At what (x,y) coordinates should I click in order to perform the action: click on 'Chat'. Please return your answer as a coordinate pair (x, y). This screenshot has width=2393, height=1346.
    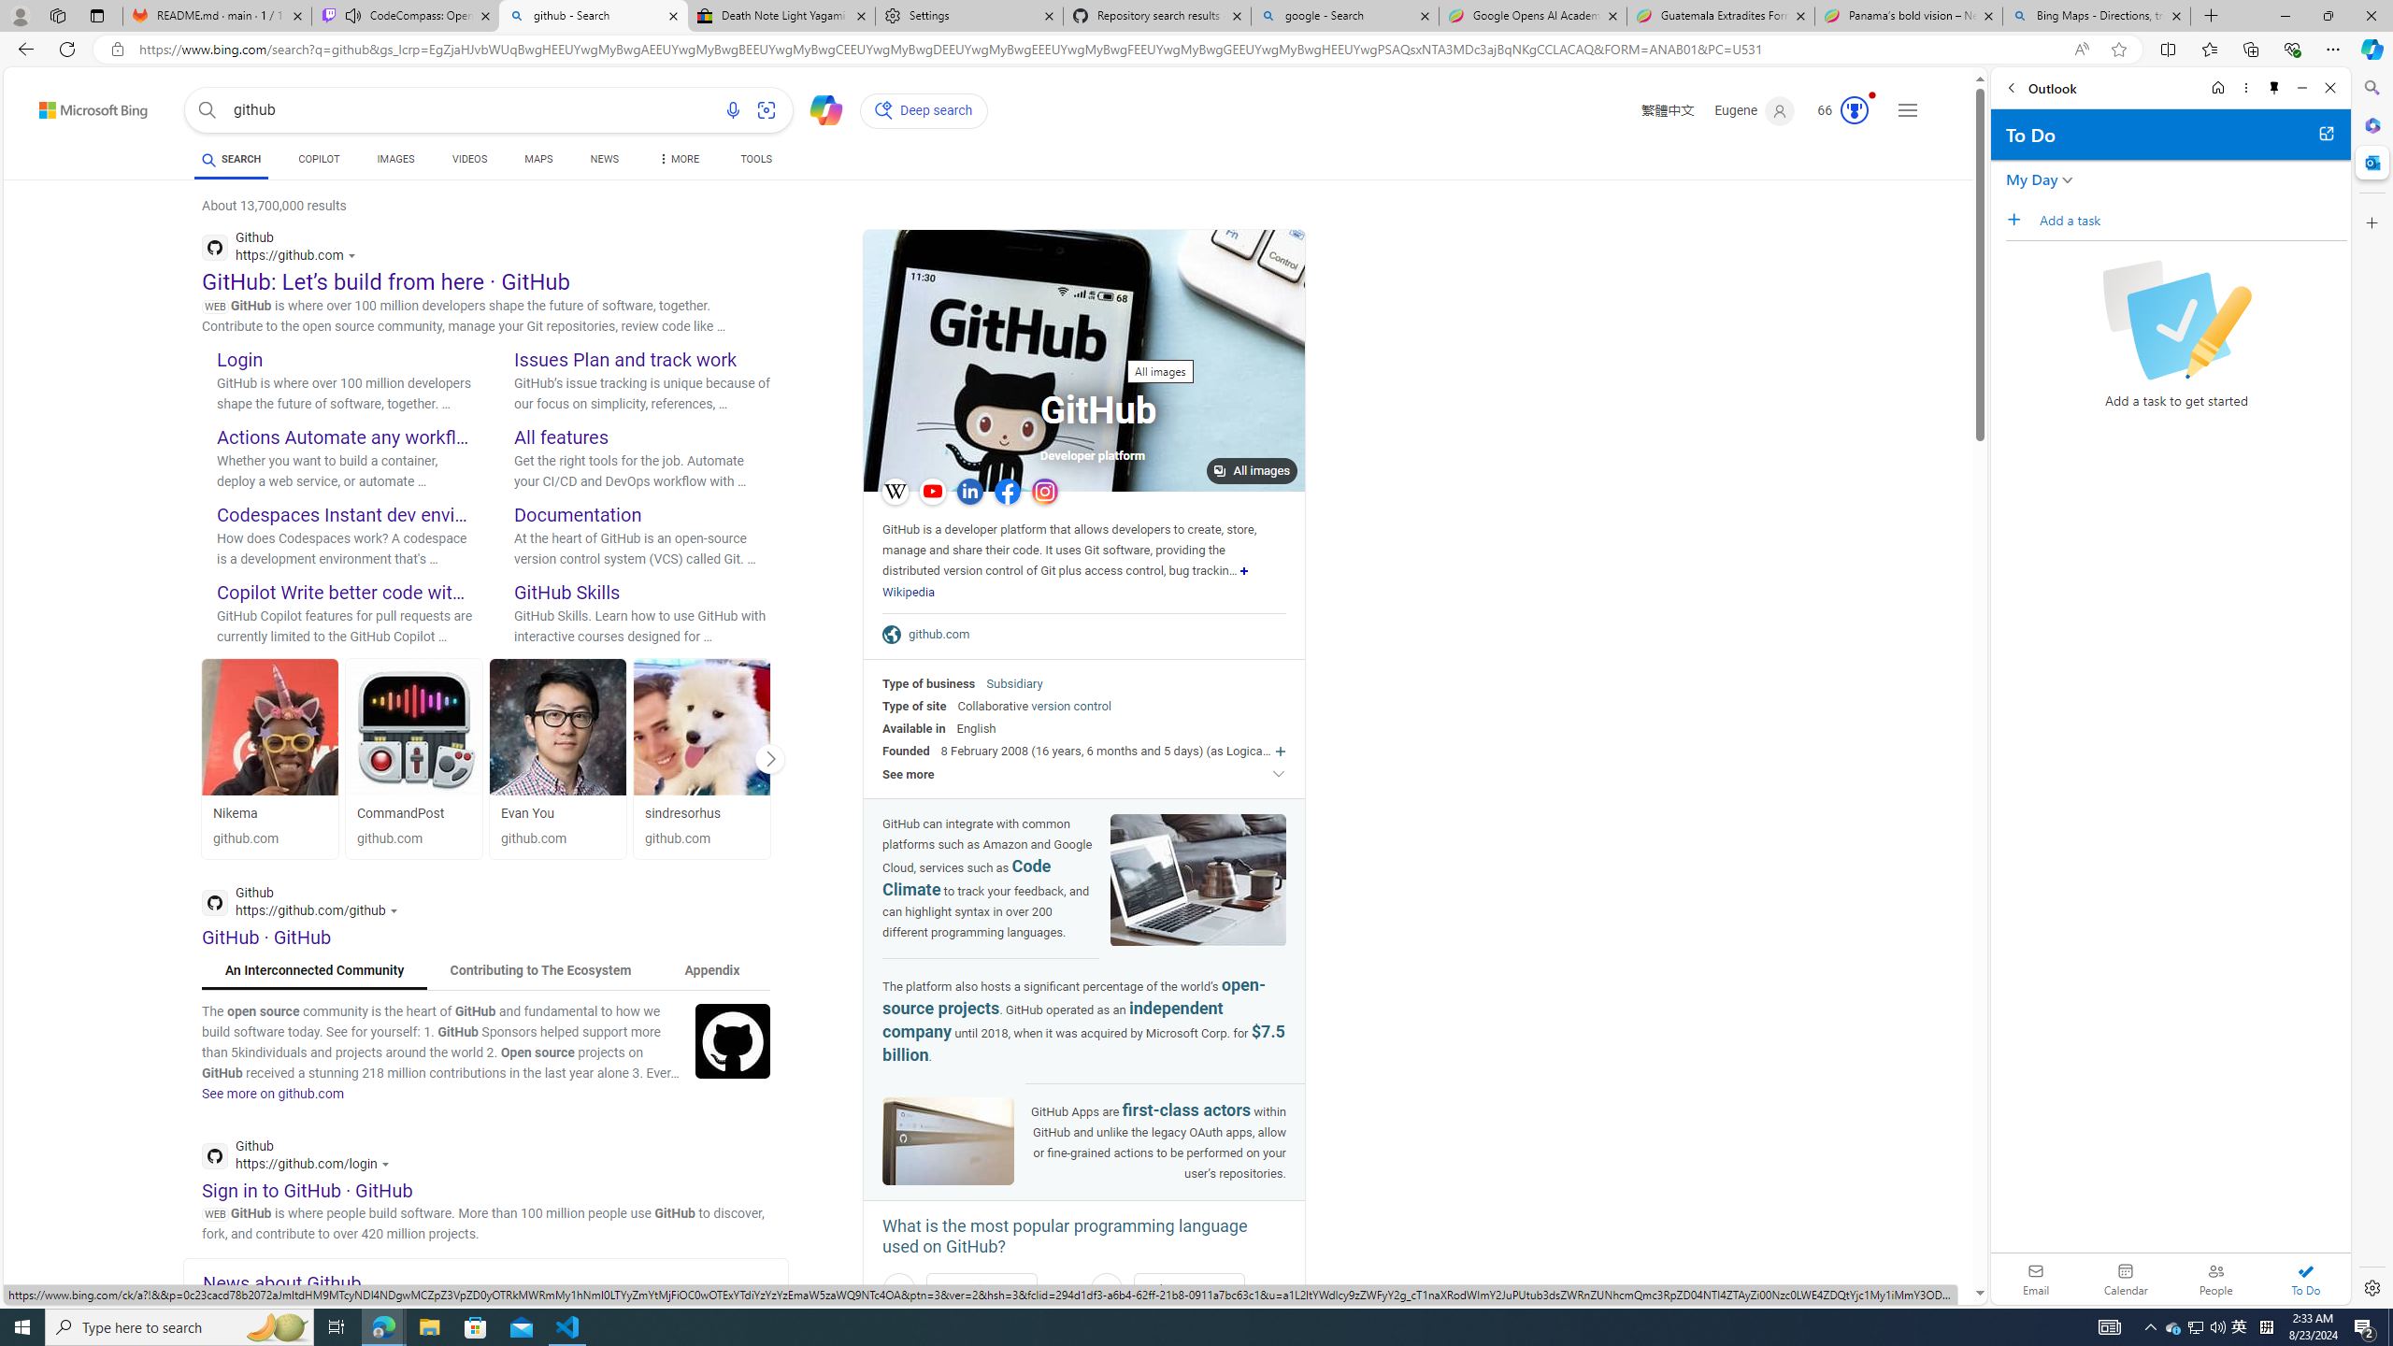
    Looking at the image, I should click on (818, 107).